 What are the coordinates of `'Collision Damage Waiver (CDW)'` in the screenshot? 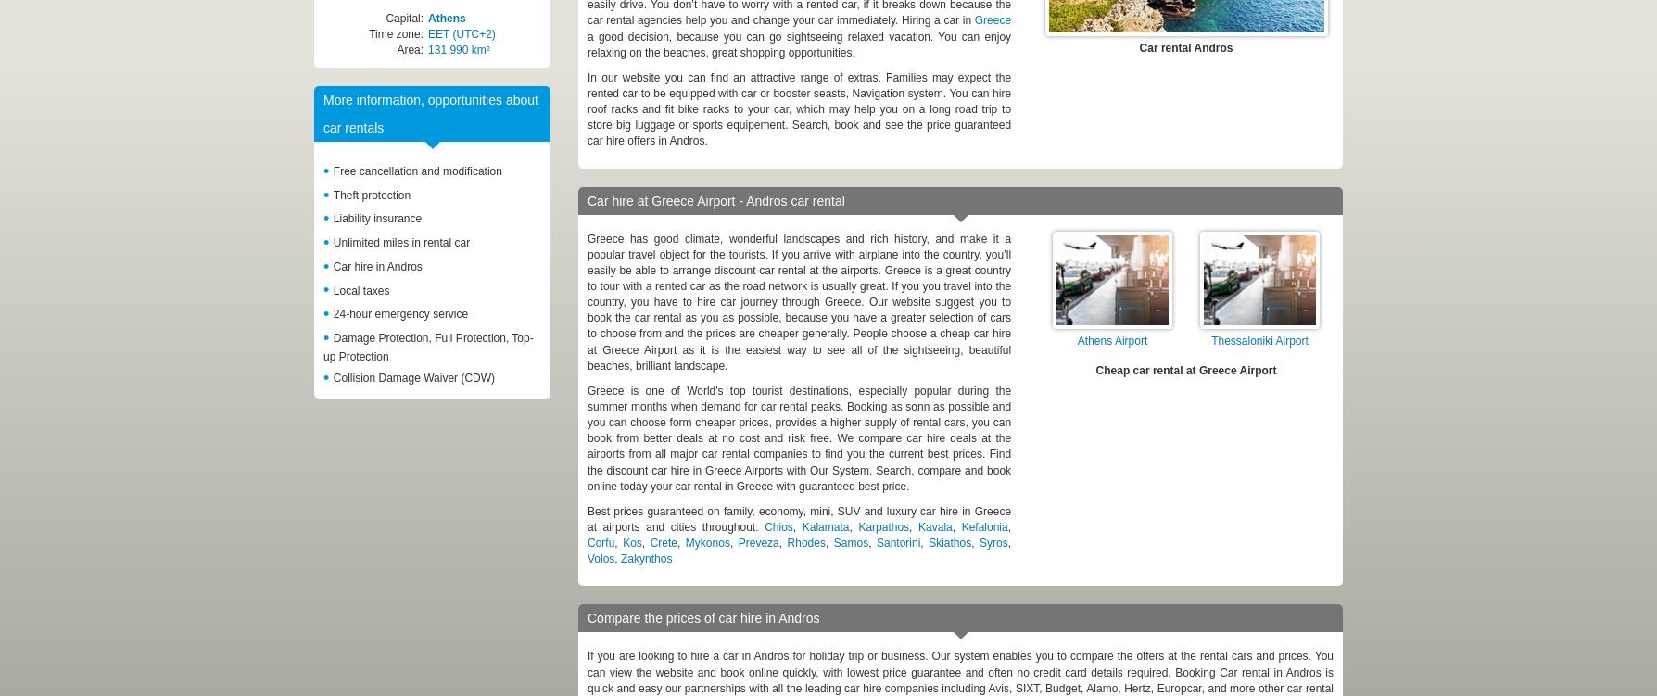 It's located at (412, 375).